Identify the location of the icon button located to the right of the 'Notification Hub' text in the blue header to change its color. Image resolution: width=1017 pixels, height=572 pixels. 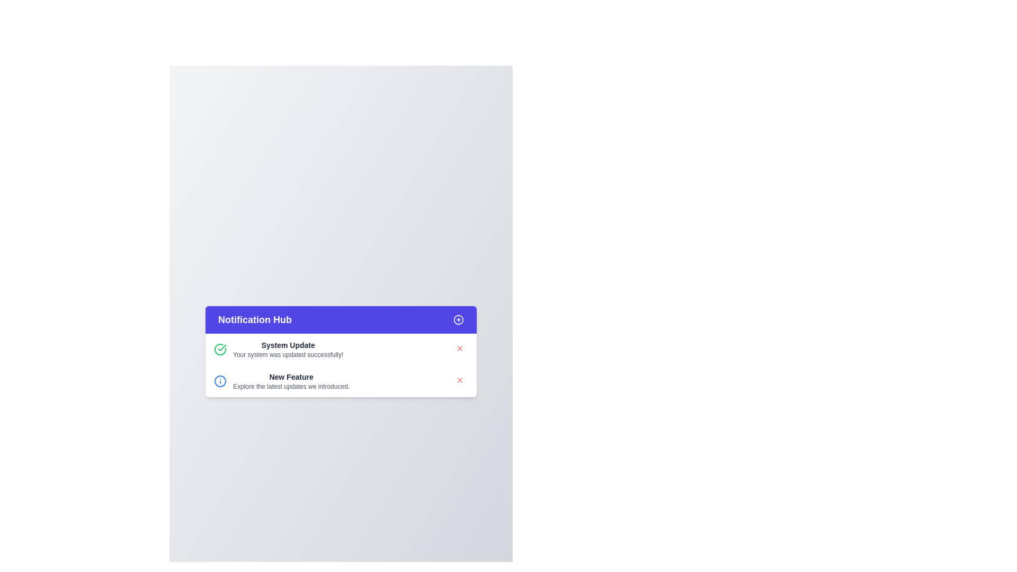
(458, 319).